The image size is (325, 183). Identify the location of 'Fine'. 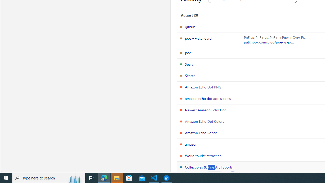
(215, 176).